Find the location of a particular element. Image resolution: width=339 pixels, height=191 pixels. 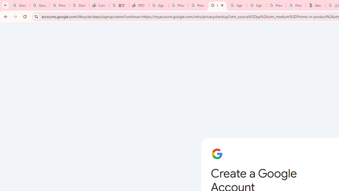

'Close' is located at coordinates (222, 5).